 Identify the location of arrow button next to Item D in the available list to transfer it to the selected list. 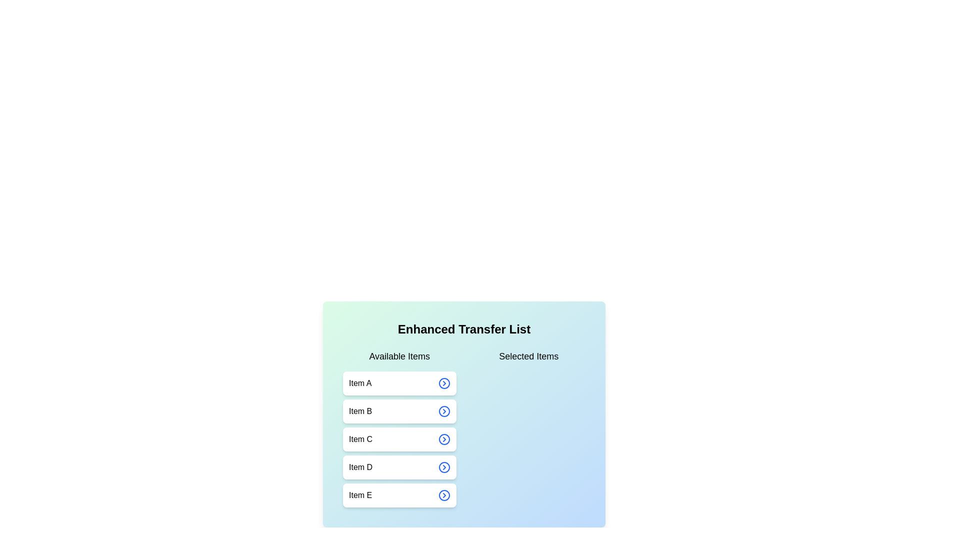
(443, 467).